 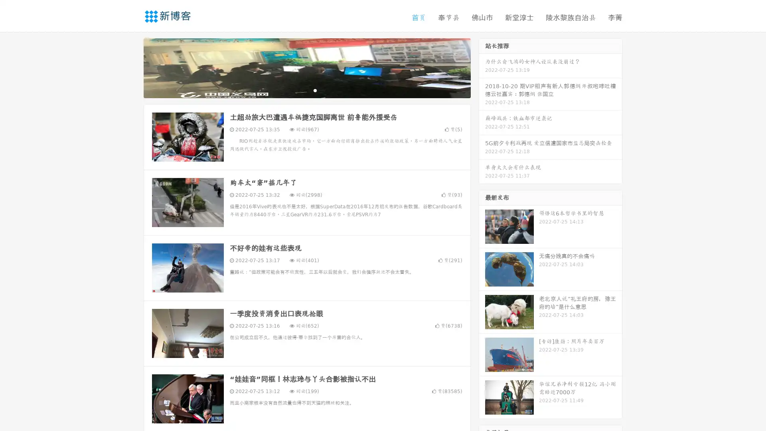 I want to click on Go to slide 3, so click(x=315, y=90).